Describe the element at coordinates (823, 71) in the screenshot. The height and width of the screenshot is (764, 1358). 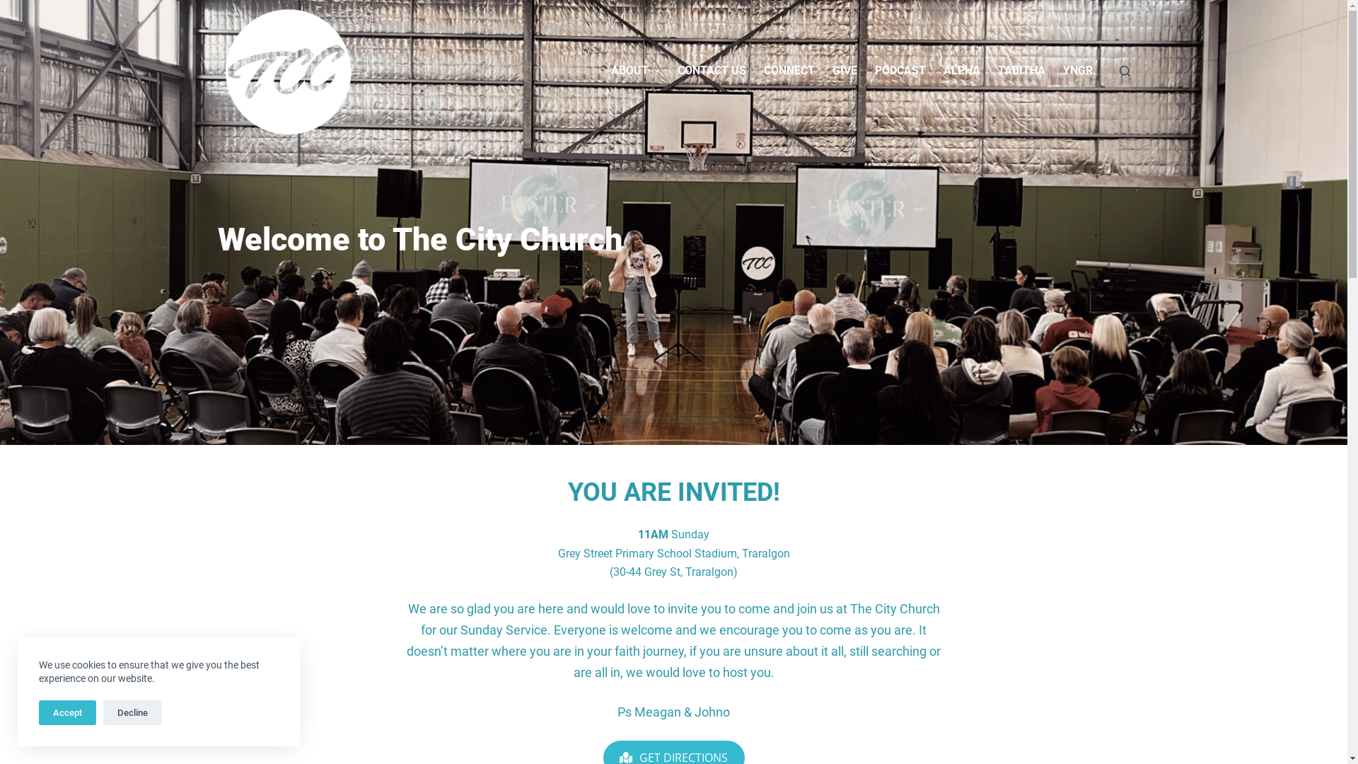
I see `'GIVE'` at that location.